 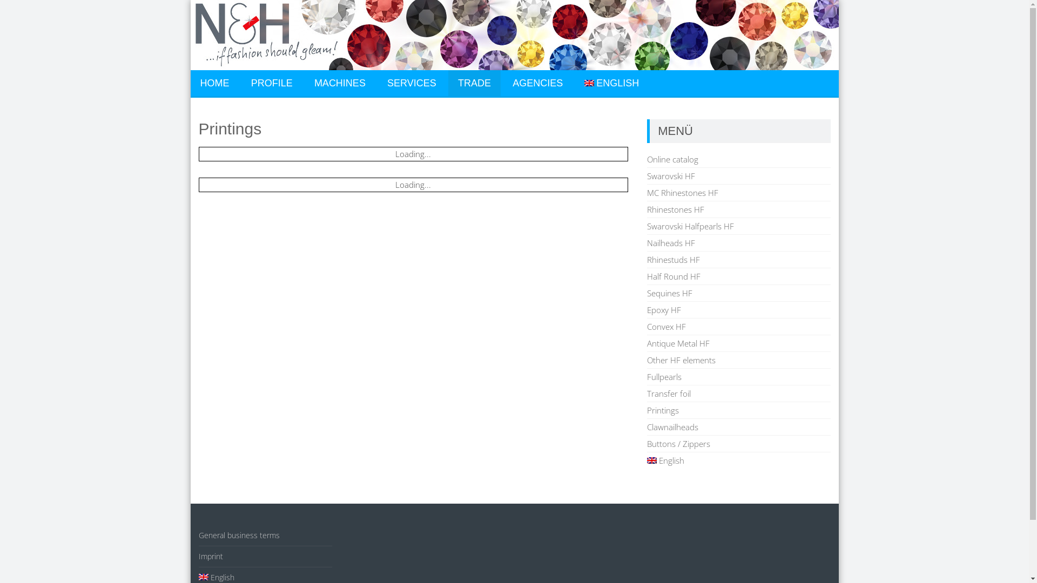 What do you see at coordinates (211, 556) in the screenshot?
I see `'Imprint'` at bounding box center [211, 556].